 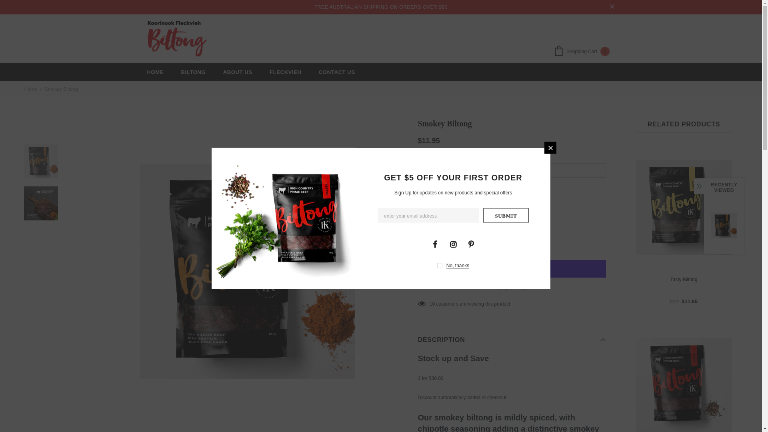 I want to click on 'Instagram', so click(x=447, y=243).